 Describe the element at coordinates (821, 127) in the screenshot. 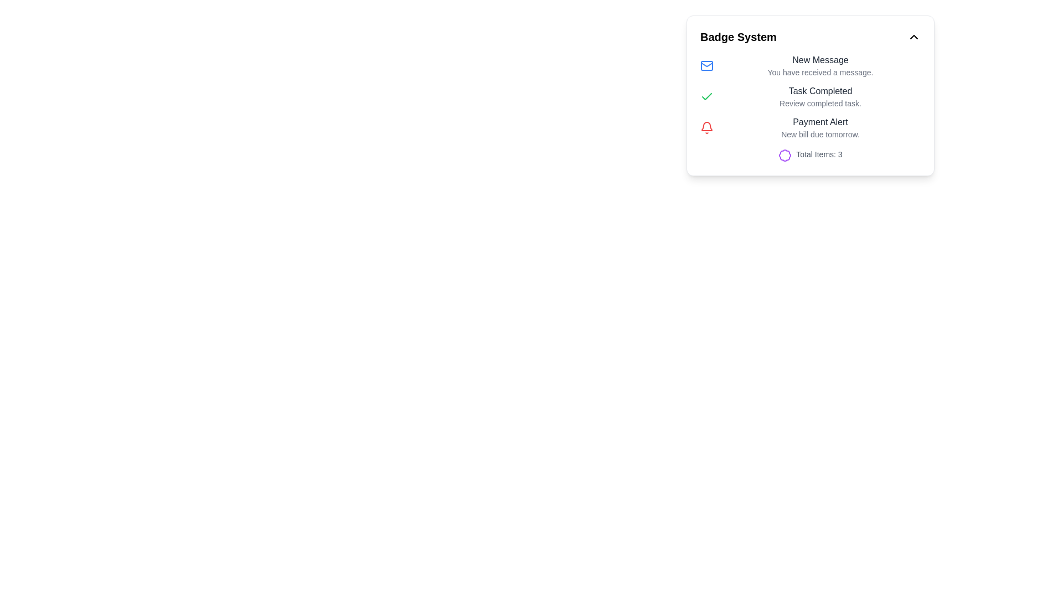

I see `text of the Notification item that states 'Payment Alert' and 'New bill due tomorrow.' for informational purposes` at that location.